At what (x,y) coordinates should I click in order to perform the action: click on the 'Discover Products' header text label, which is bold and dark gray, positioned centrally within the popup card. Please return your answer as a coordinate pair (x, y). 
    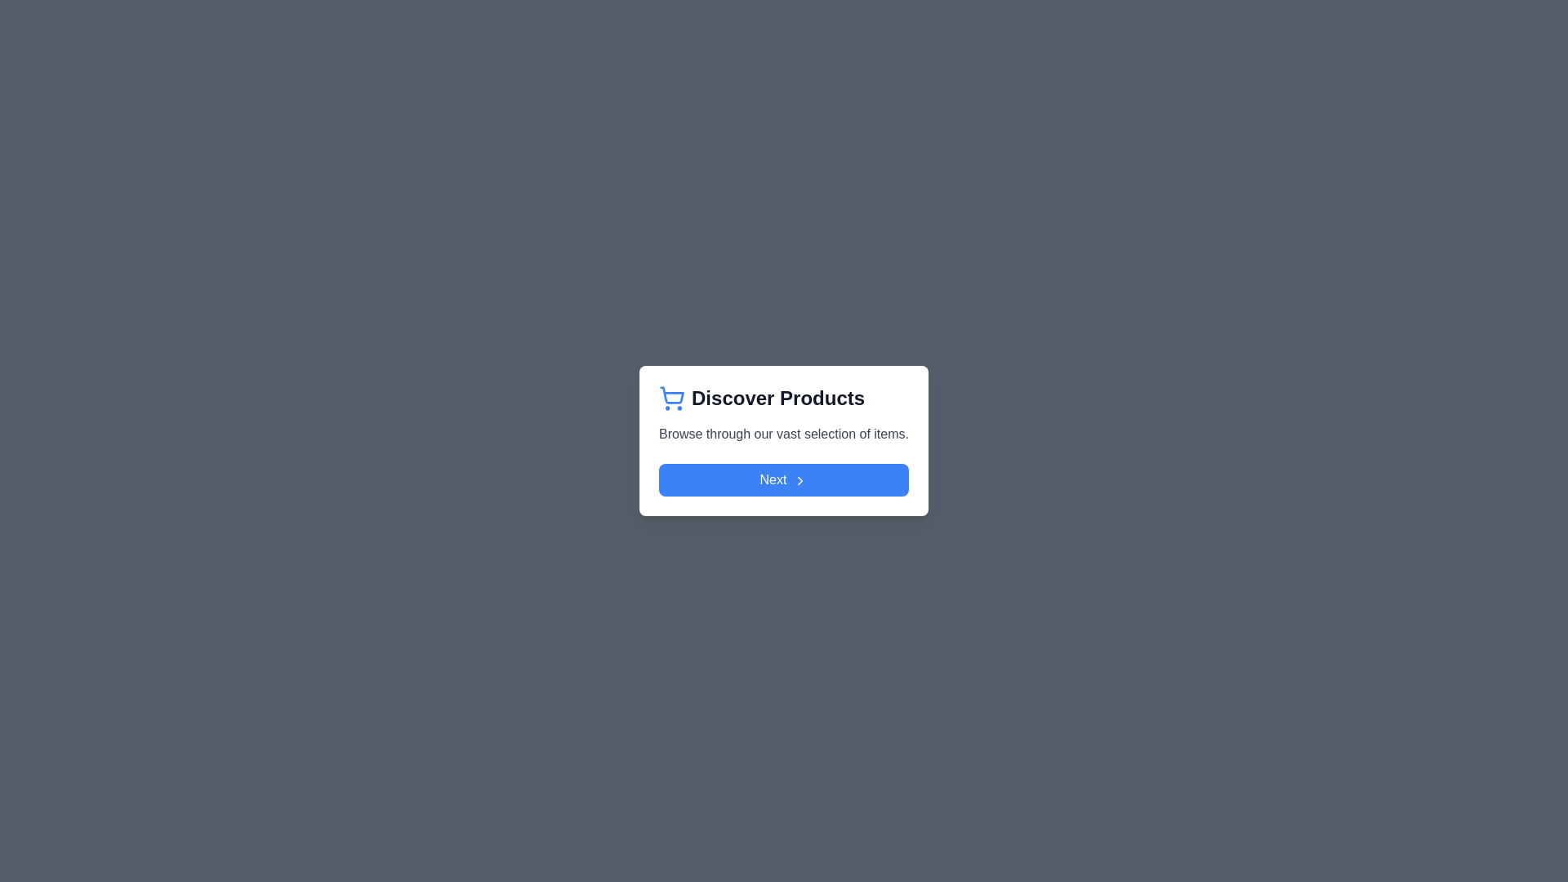
    Looking at the image, I should click on (777, 399).